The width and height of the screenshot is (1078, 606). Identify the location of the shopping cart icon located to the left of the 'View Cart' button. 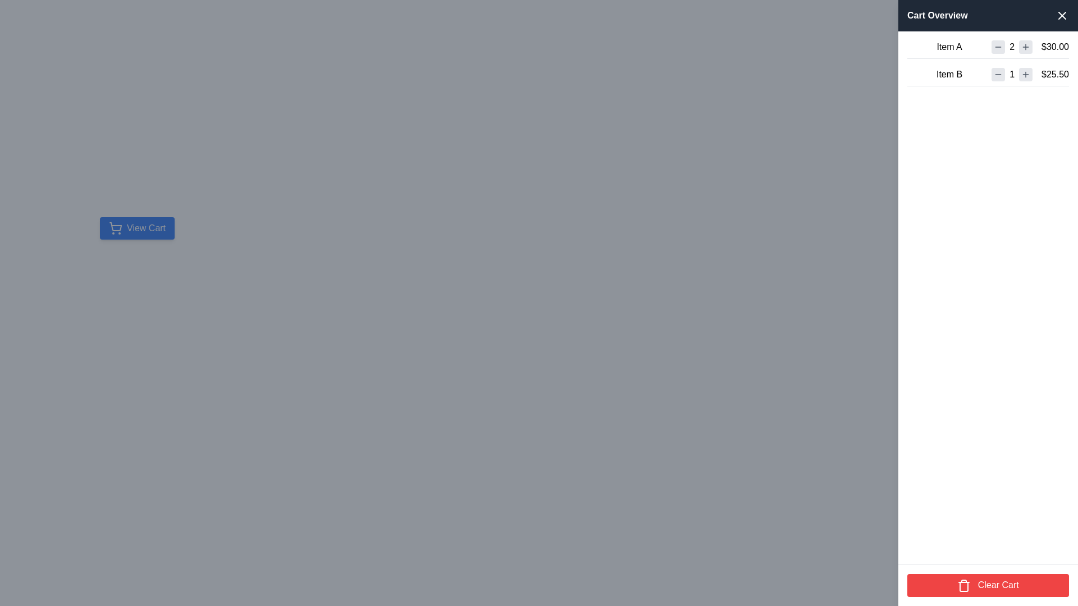
(116, 228).